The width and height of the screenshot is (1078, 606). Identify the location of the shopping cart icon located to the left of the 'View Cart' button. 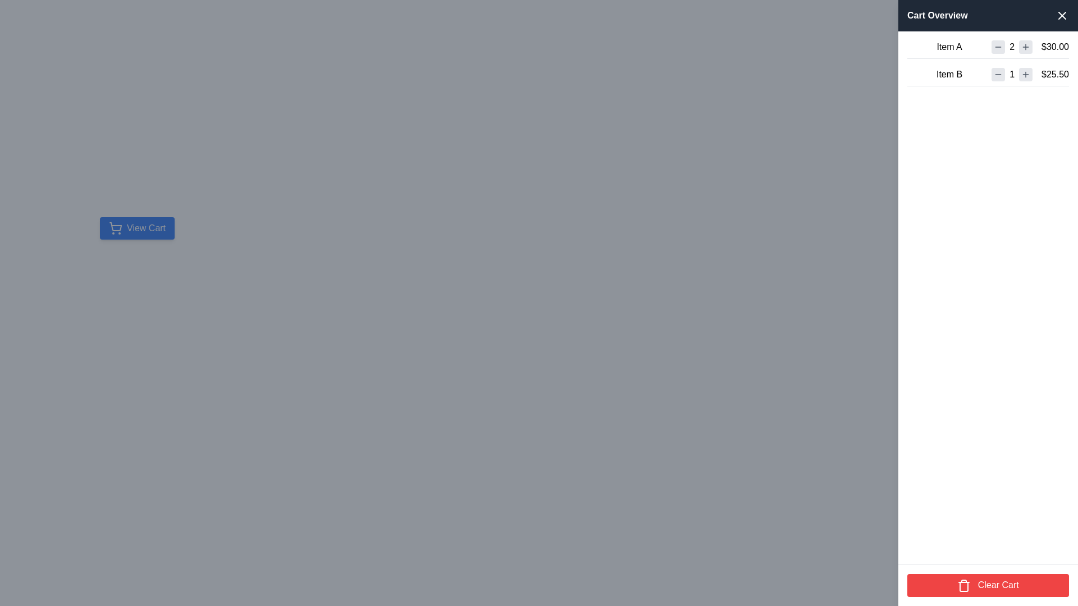
(116, 228).